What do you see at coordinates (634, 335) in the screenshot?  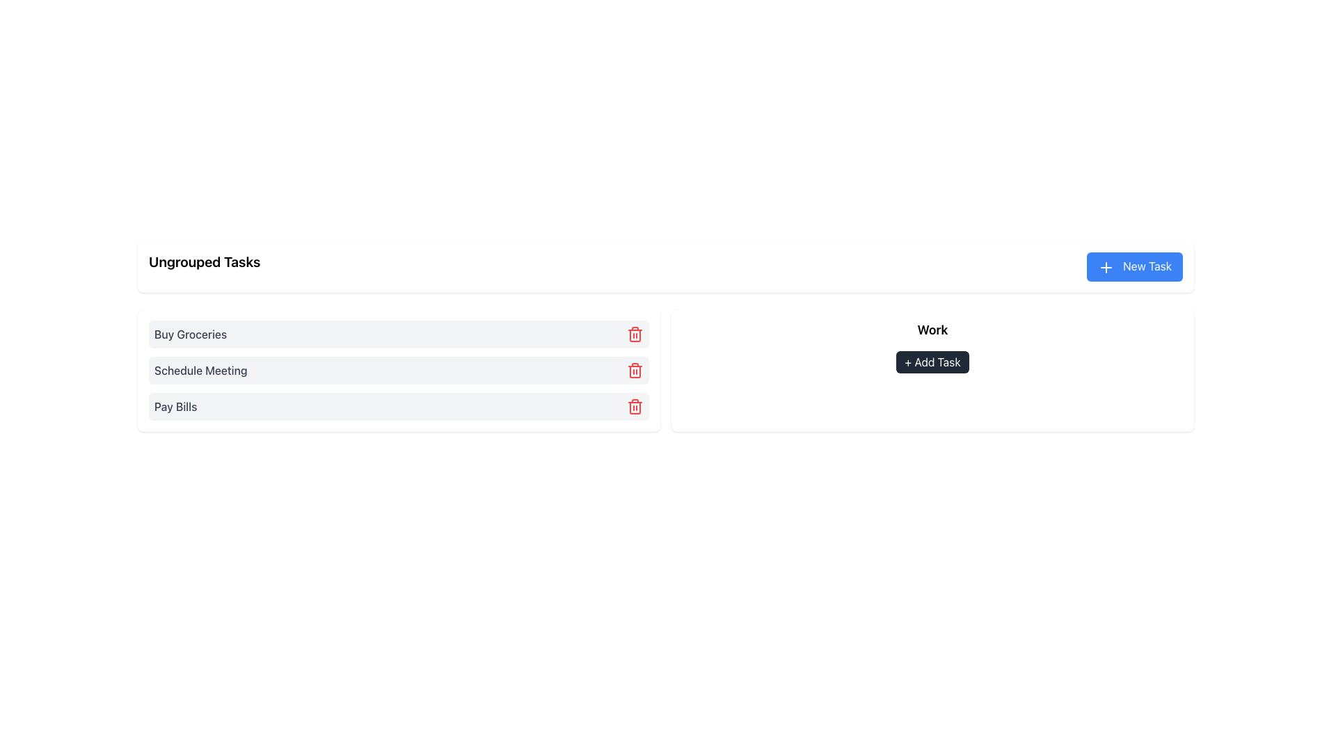 I see `the middle vertical stripe of the red trash can-shaped icon, which represents deletion or removal action, located under 'Ungrouped Tasks'` at bounding box center [634, 335].